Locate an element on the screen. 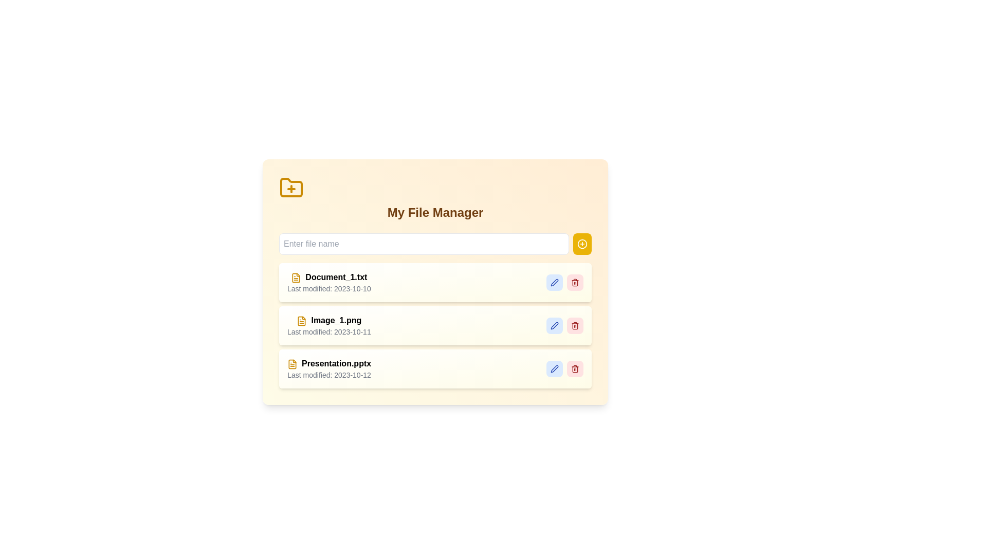  the red delete button located to the right of the blue edit button to initiate the deletion process for the associated file or item in the list is located at coordinates (574, 283).